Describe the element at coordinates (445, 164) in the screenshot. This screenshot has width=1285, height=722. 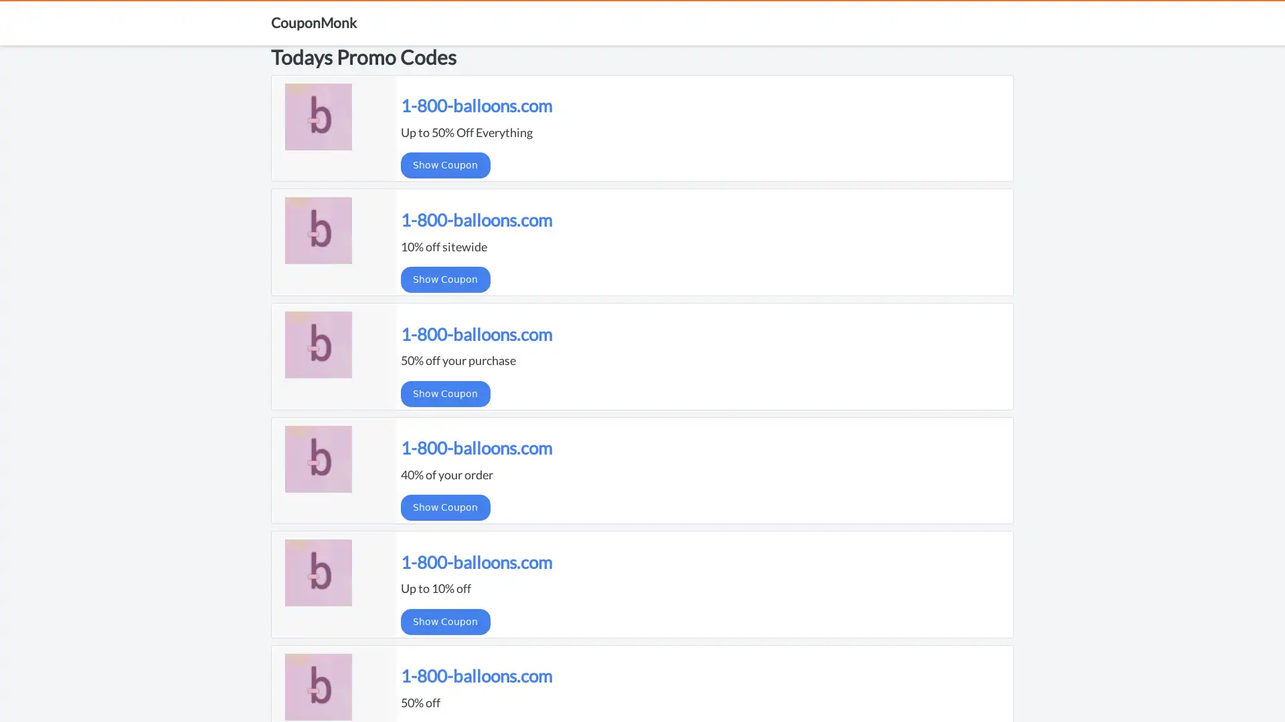
I see `Show Coupon` at that location.